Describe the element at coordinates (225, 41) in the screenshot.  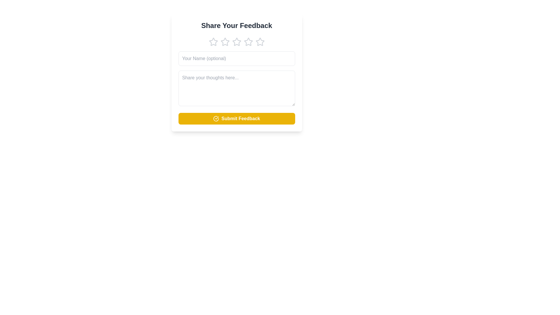
I see `the second star icon in the rating system` at that location.